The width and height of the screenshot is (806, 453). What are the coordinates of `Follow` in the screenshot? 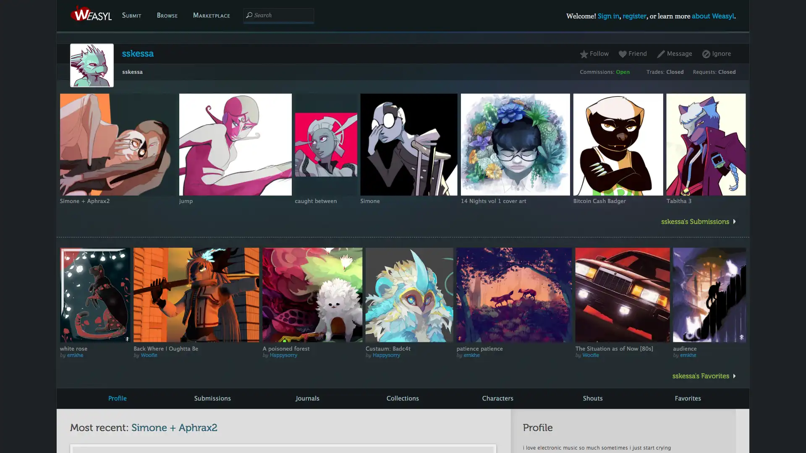 It's located at (596, 53).